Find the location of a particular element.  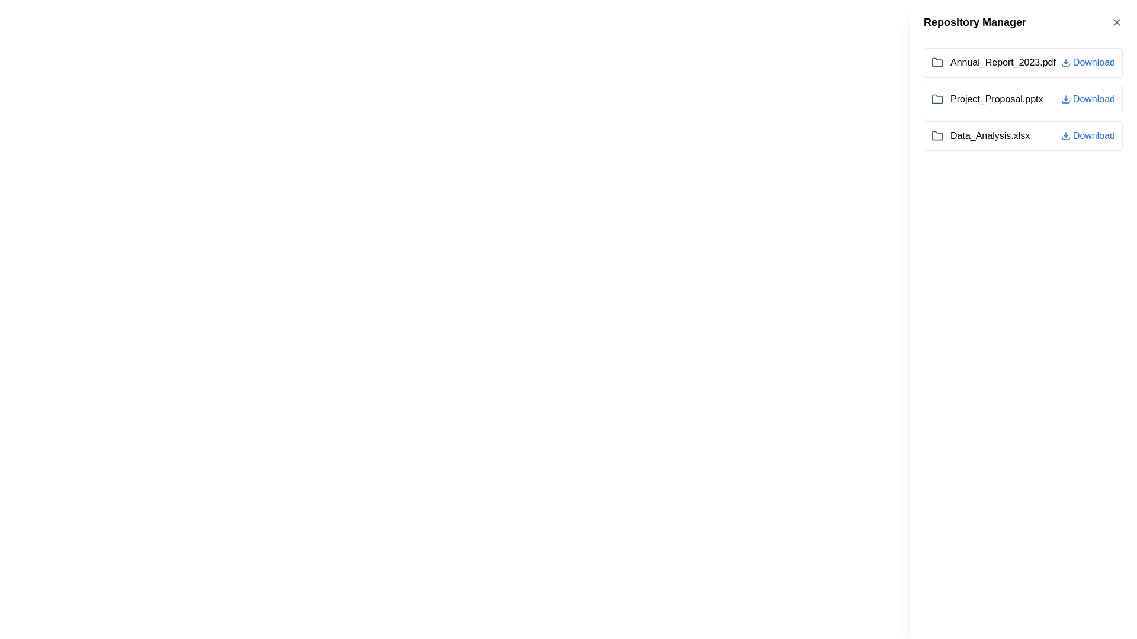

the file name display of 'Project_Proposal.pptx', which is the second item in the vertical file list of the 'Repository Manager' section, positioned between 'Annual_Report_2023.pdf' and 'Data_Analysis.xlsx' is located at coordinates (987, 99).